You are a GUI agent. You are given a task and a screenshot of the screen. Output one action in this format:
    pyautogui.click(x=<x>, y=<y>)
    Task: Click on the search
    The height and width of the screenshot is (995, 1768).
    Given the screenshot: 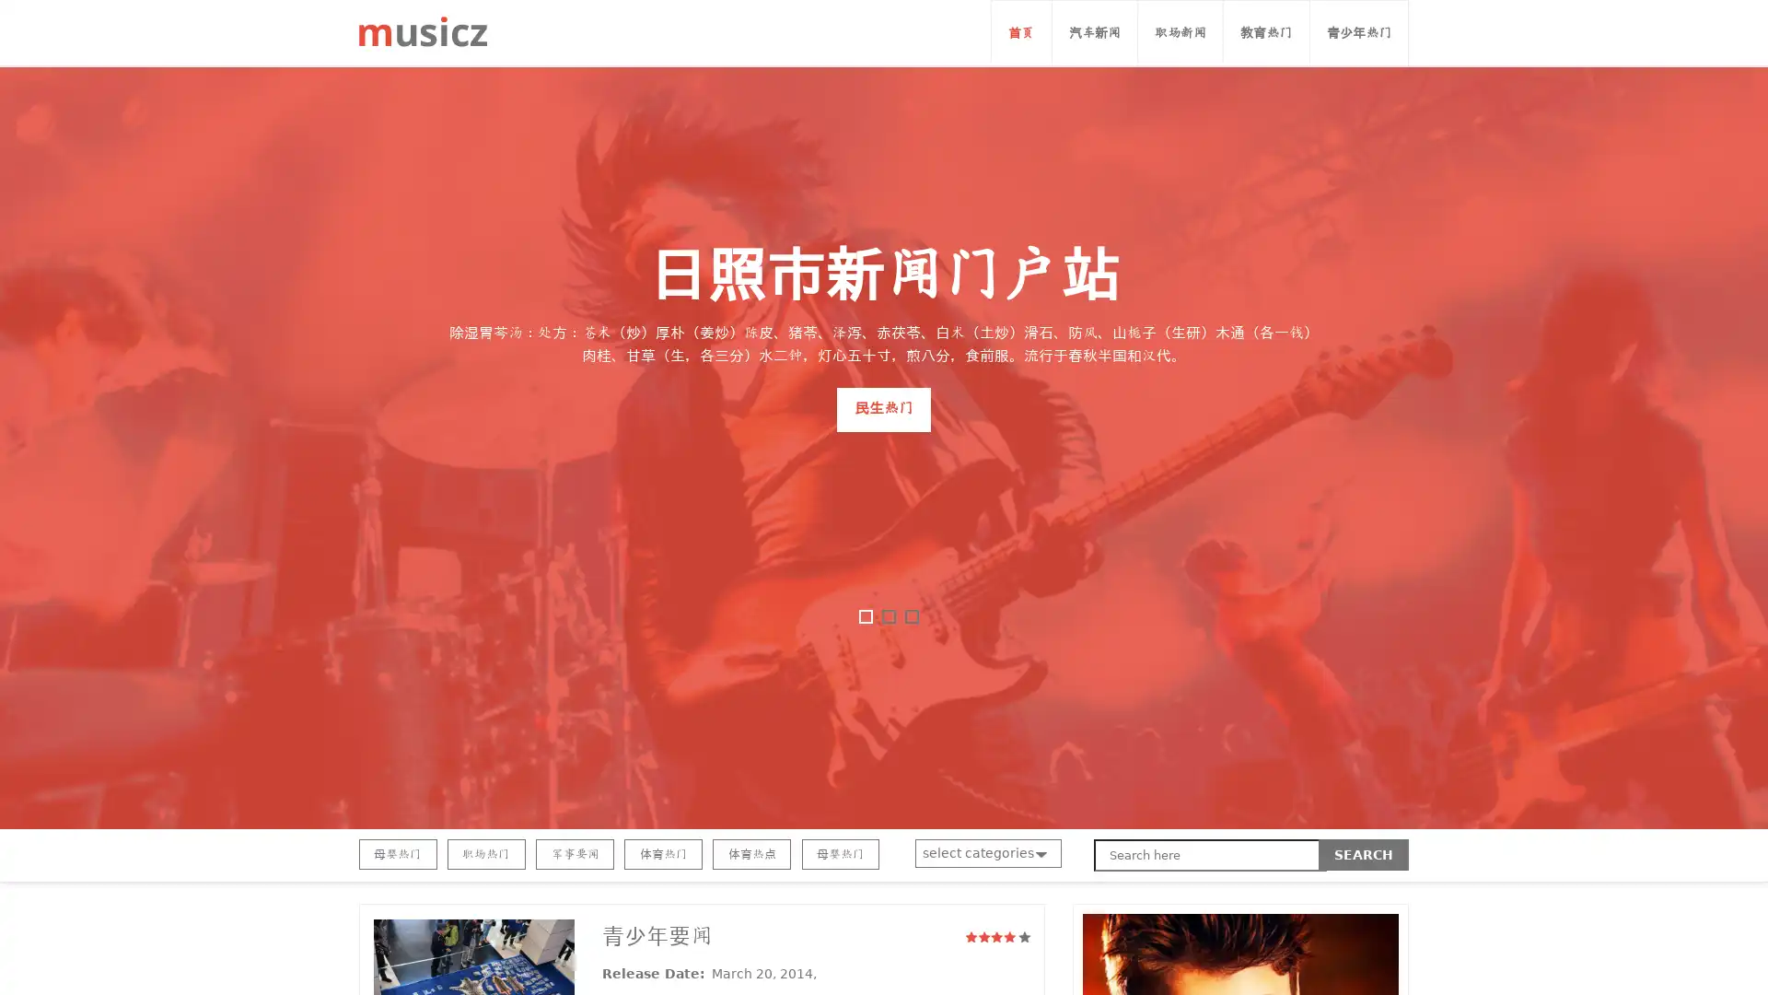 What is the action you would take?
    pyautogui.click(x=1364, y=855)
    